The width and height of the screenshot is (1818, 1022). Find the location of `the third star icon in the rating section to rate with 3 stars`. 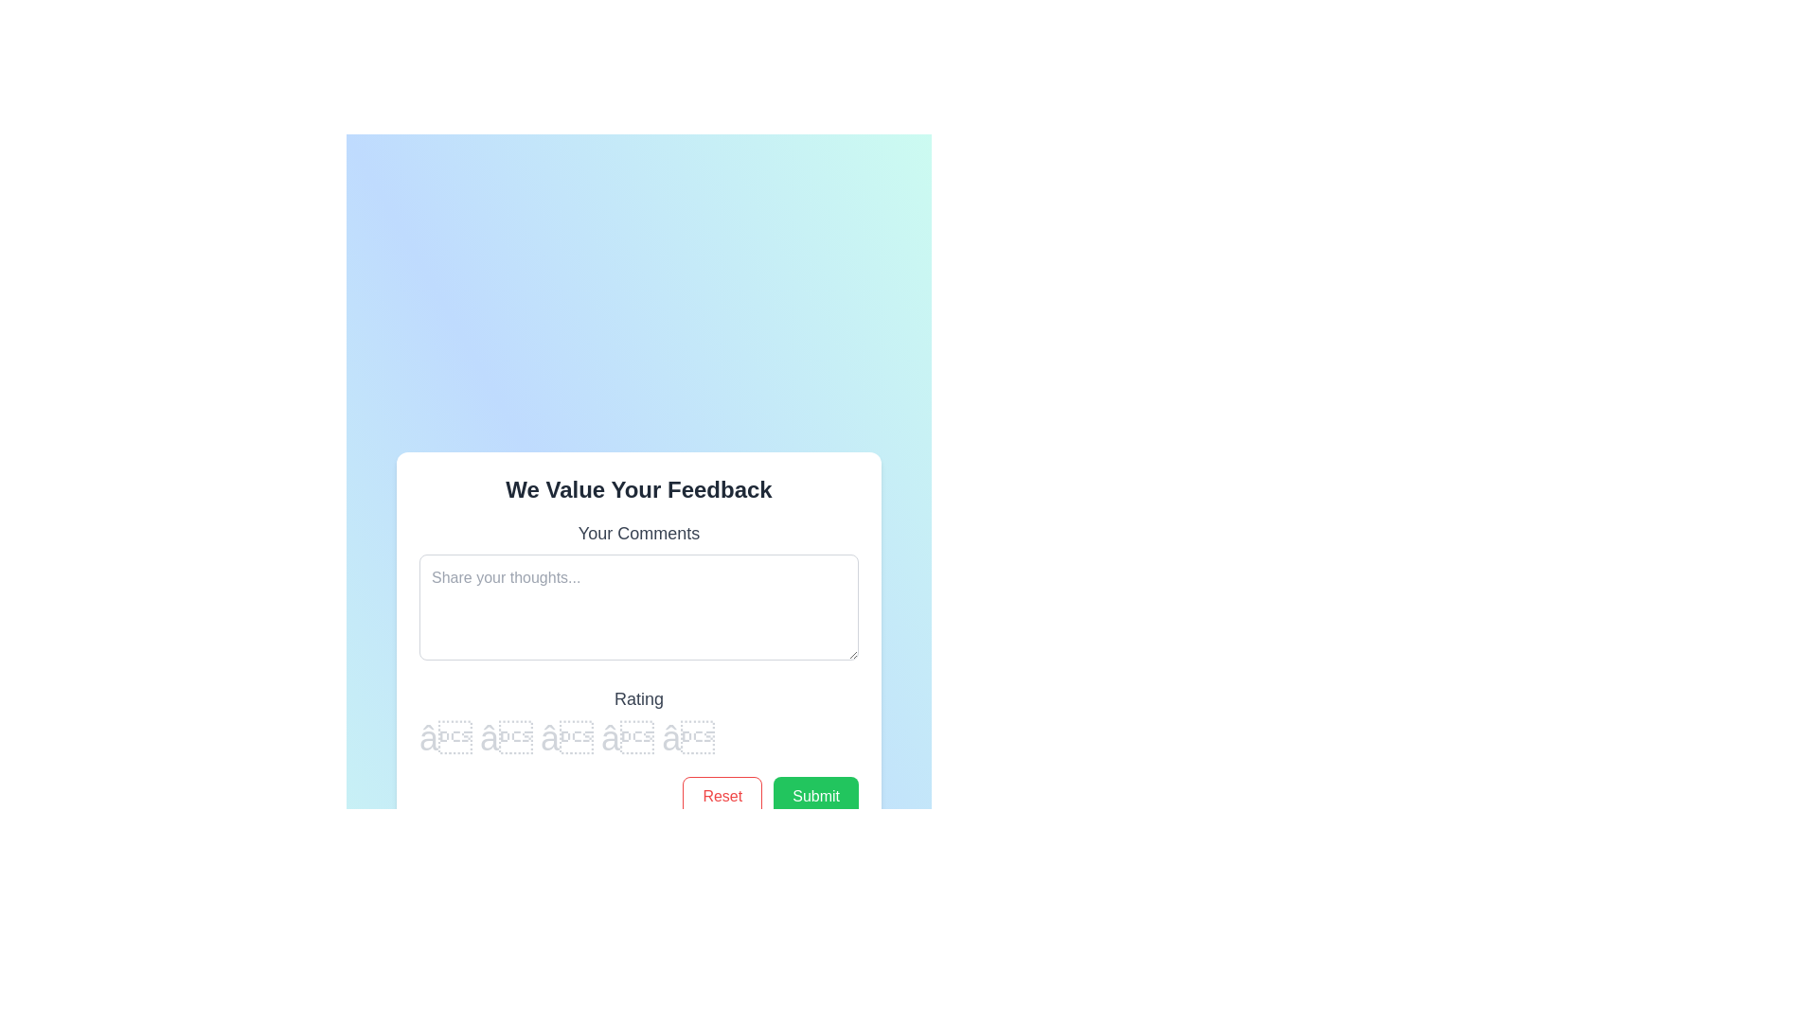

the third star icon in the rating section to rate with 3 stars is located at coordinates (566, 737).